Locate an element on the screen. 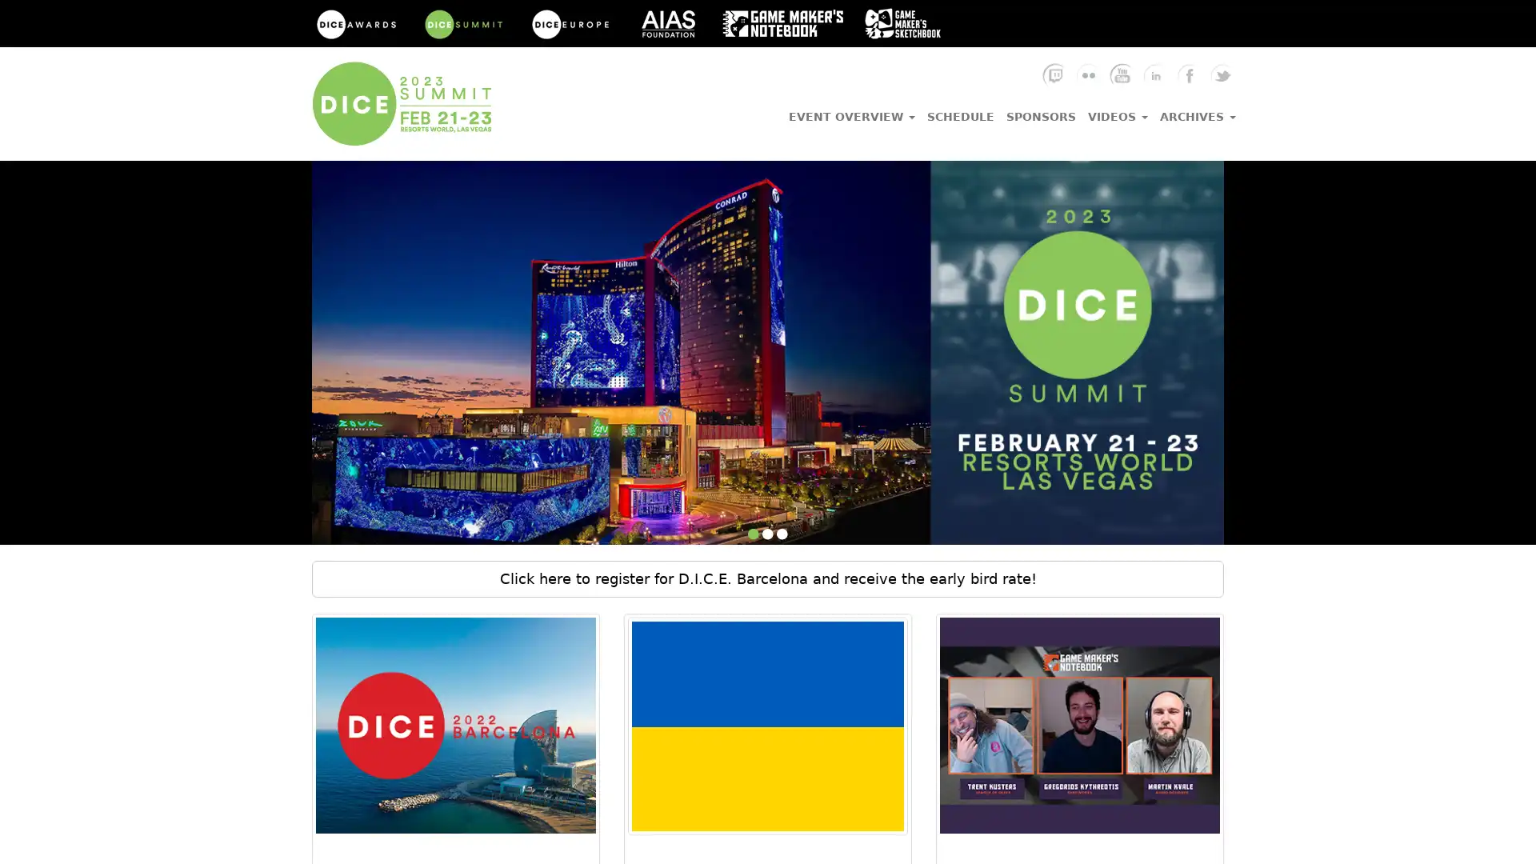  EVENT OVERVIEW is located at coordinates (851, 116).